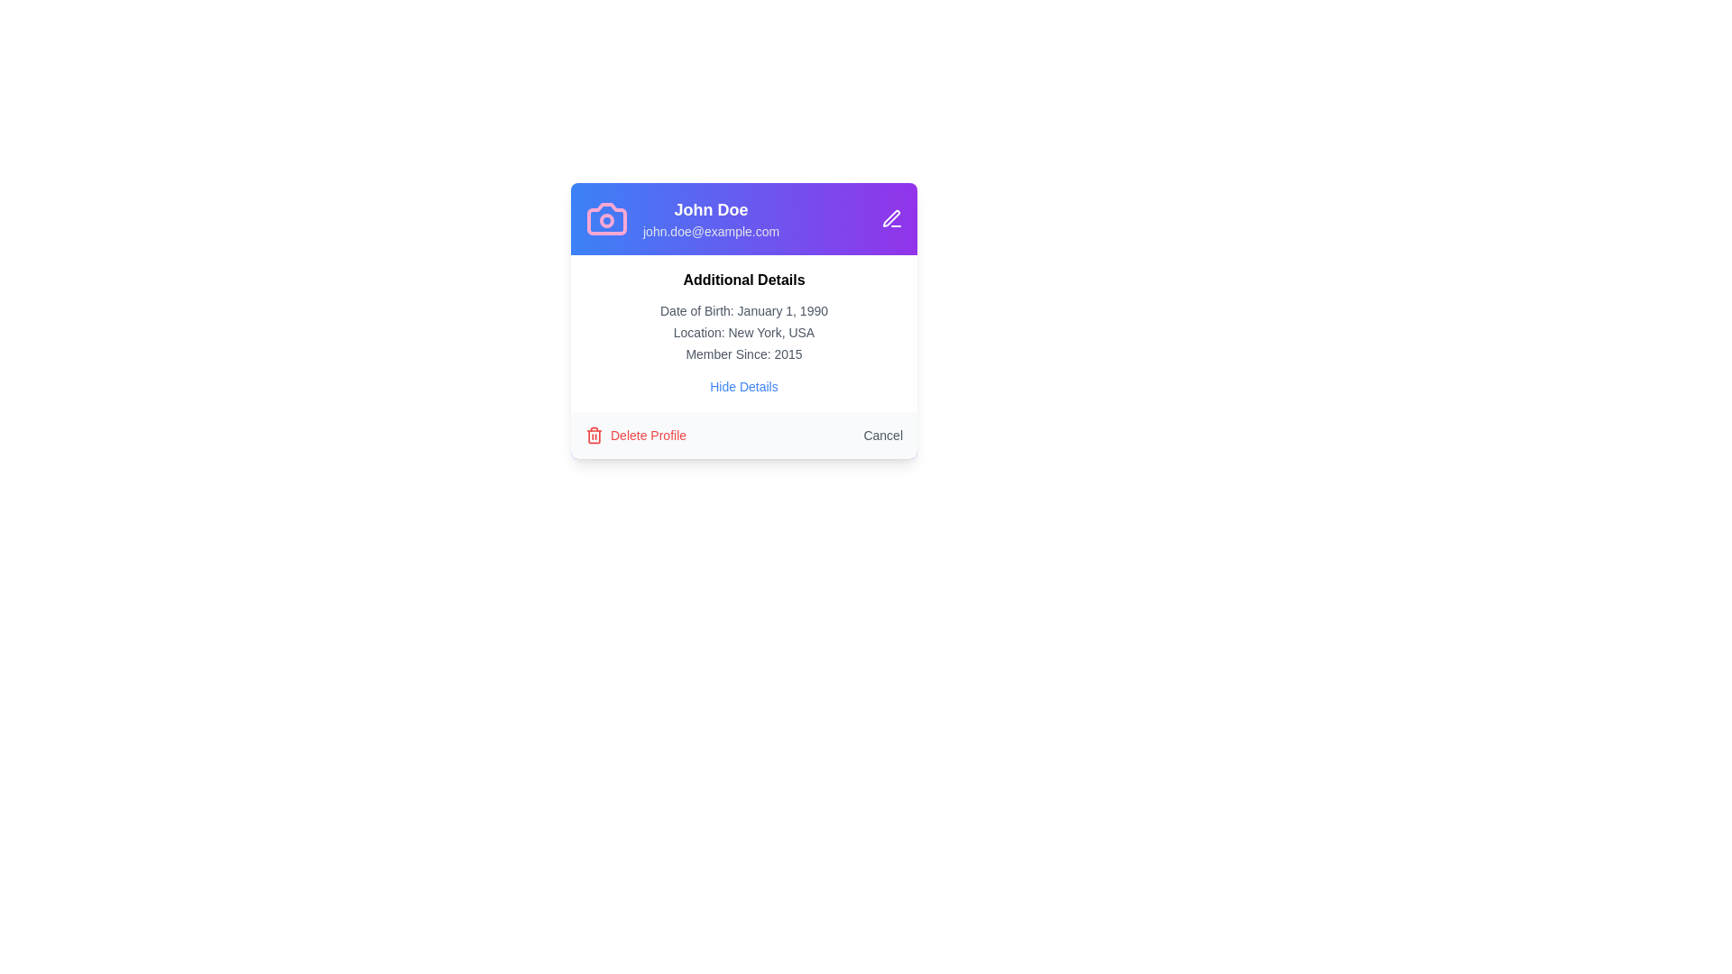  Describe the element at coordinates (744, 333) in the screenshot. I see `the static Text block displaying individual details located under 'Additional Details' and above 'Hide Details'` at that location.